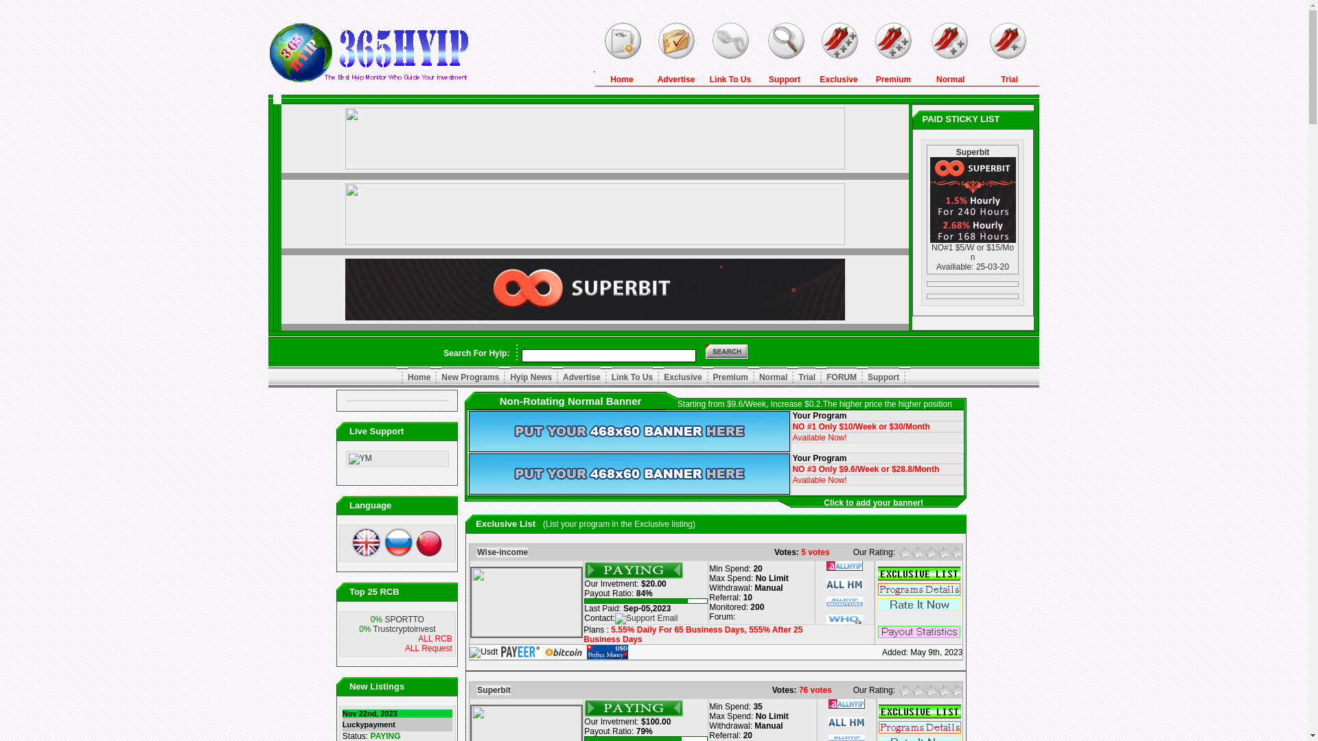  I want to click on 'Usdt', so click(483, 650).